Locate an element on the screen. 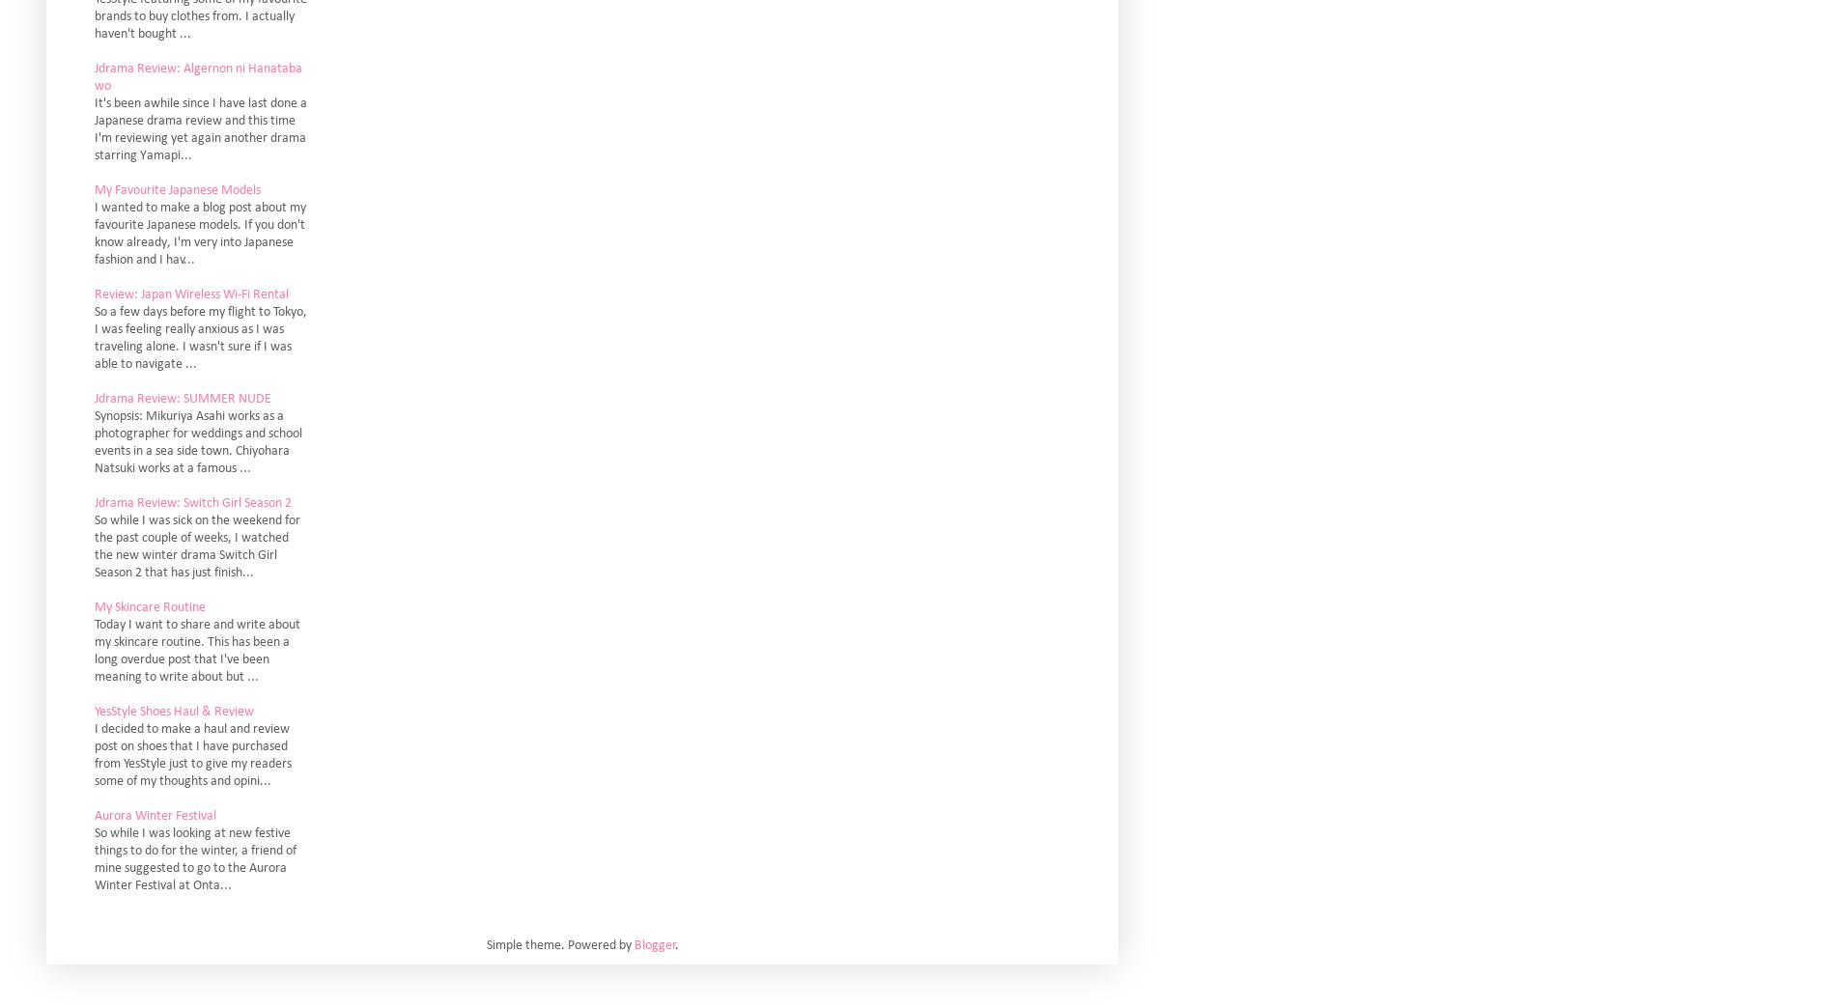 Image resolution: width=1833 pixels, height=1008 pixels. 'Aurora Winter Festival' is located at coordinates (154, 814).